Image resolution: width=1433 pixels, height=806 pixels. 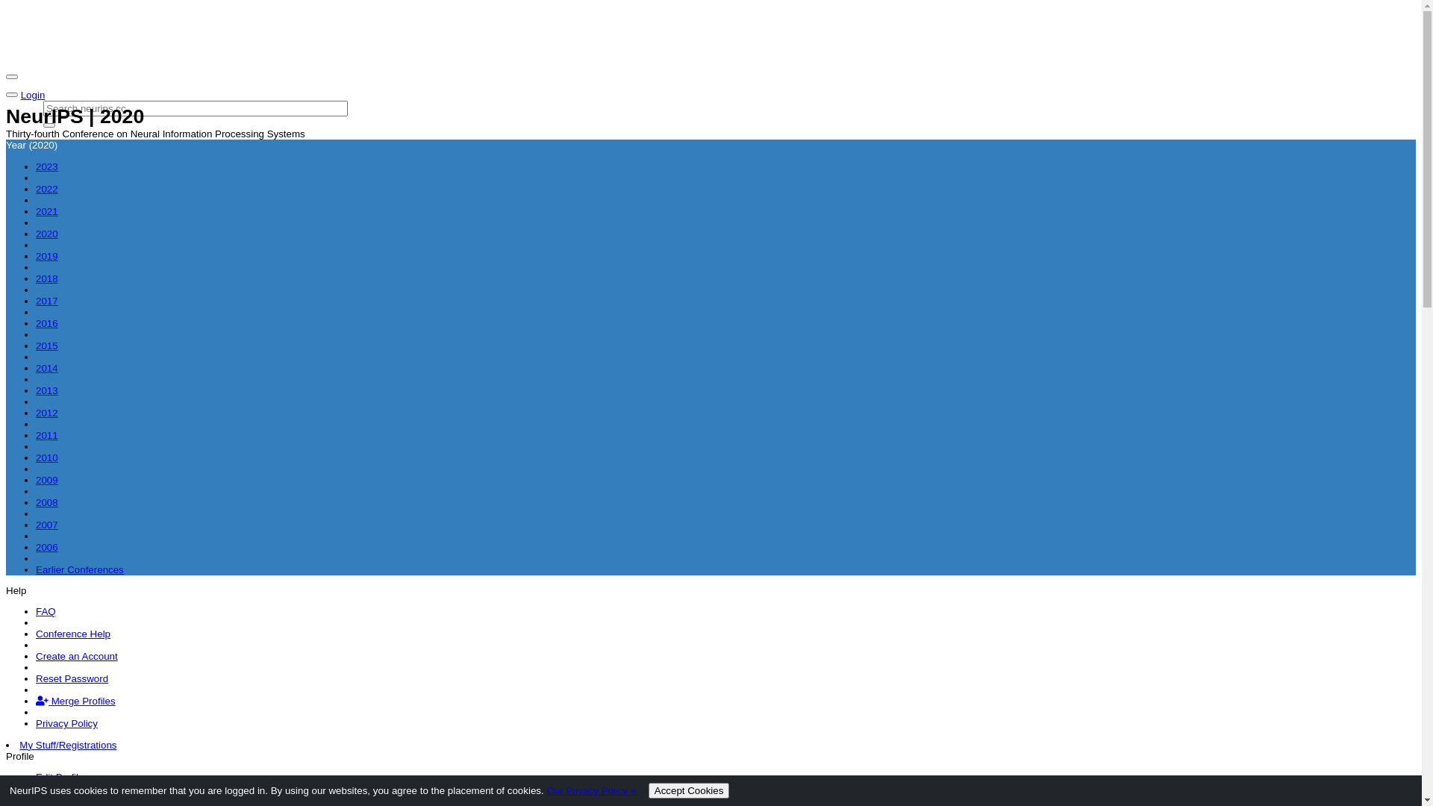 I want to click on '2010', so click(x=46, y=457).